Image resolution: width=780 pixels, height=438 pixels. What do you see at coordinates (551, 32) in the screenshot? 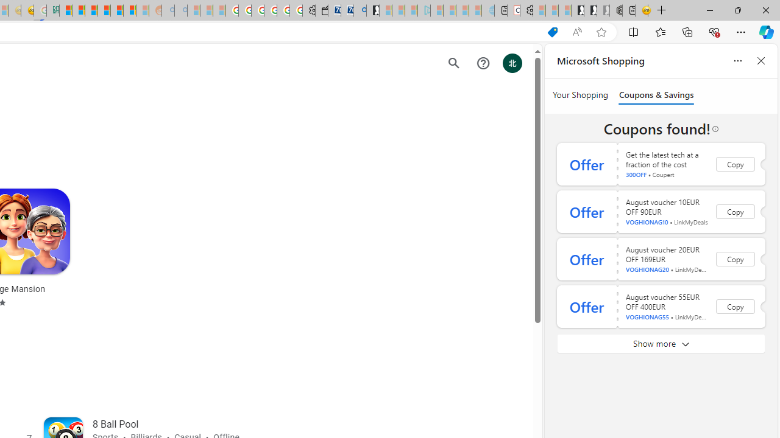
I see `'This site has coupons! Shopping in Microsoft Edge'` at bounding box center [551, 32].